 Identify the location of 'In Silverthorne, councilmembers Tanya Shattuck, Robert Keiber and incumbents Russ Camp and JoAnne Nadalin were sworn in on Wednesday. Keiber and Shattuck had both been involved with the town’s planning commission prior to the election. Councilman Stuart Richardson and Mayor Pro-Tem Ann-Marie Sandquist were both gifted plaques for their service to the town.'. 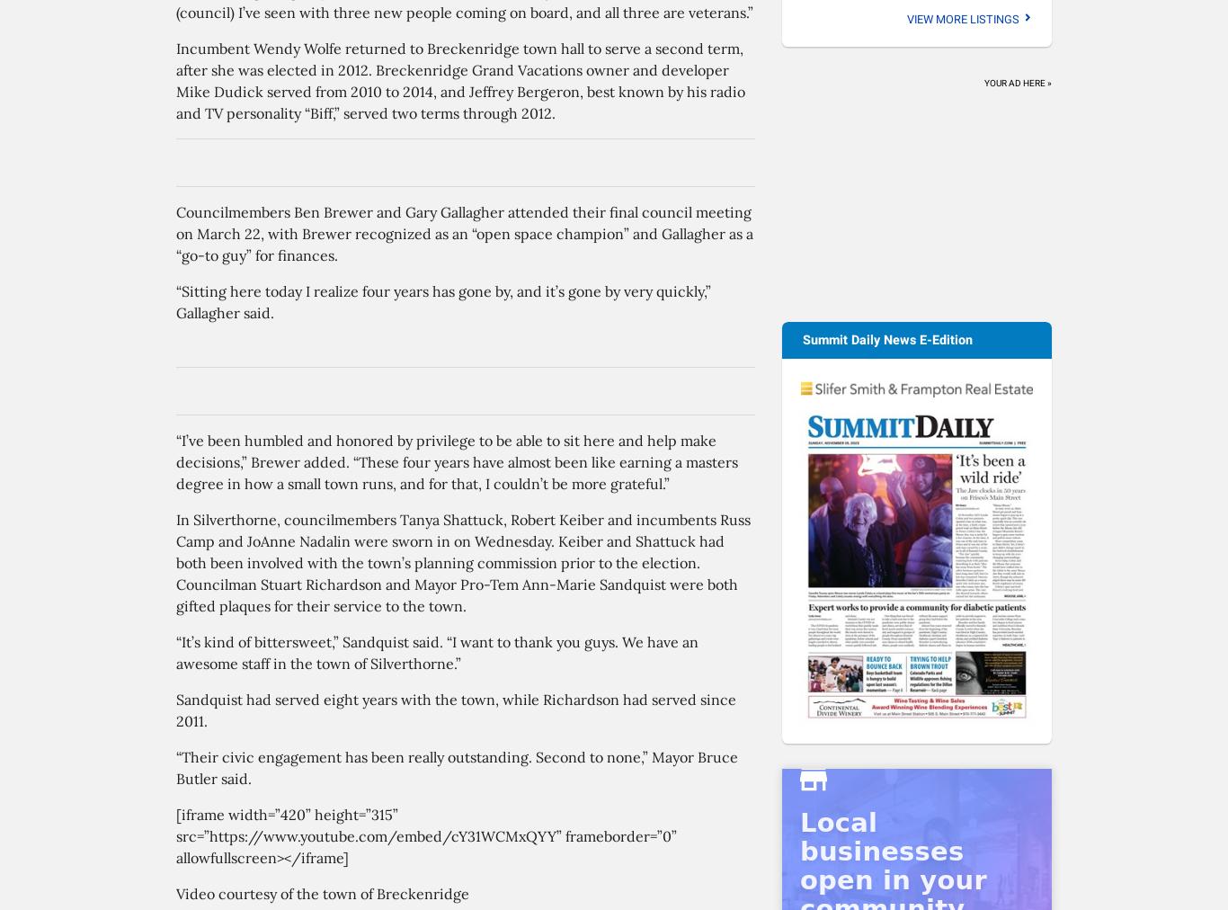
(463, 562).